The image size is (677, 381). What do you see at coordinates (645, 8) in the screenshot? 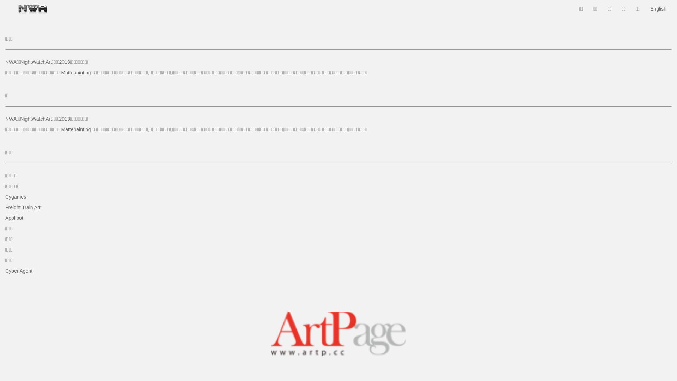
I see `'English'` at bounding box center [645, 8].